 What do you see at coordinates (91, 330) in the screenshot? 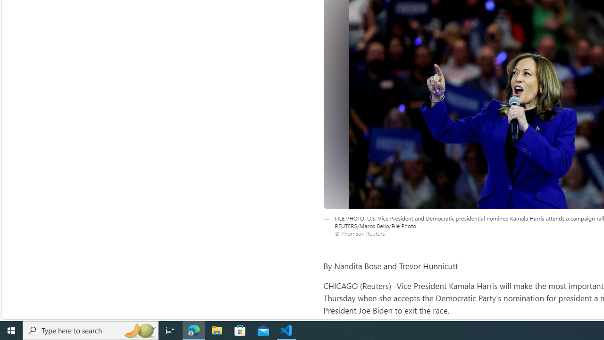
I see `'Type here to search'` at bounding box center [91, 330].